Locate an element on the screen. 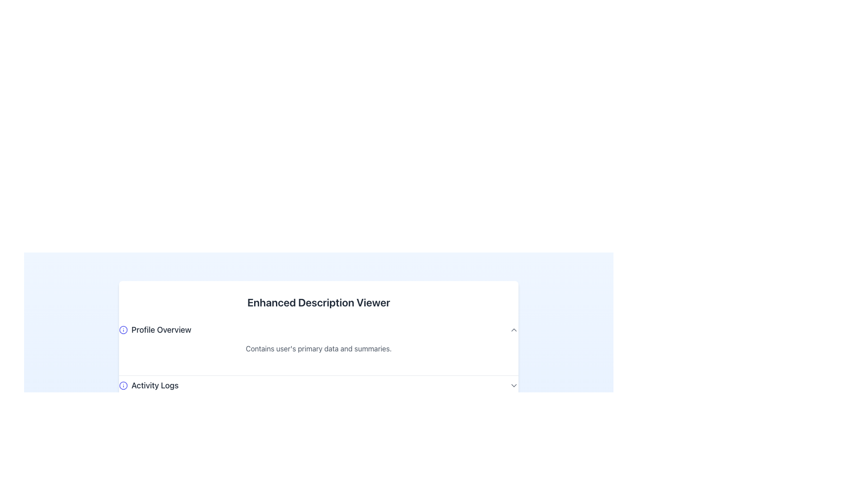 Image resolution: width=856 pixels, height=481 pixels. the upward-facing chevron icon representing collapse functionality located at the far-right side of the 'Profile Overview' section is located at coordinates (514, 330).